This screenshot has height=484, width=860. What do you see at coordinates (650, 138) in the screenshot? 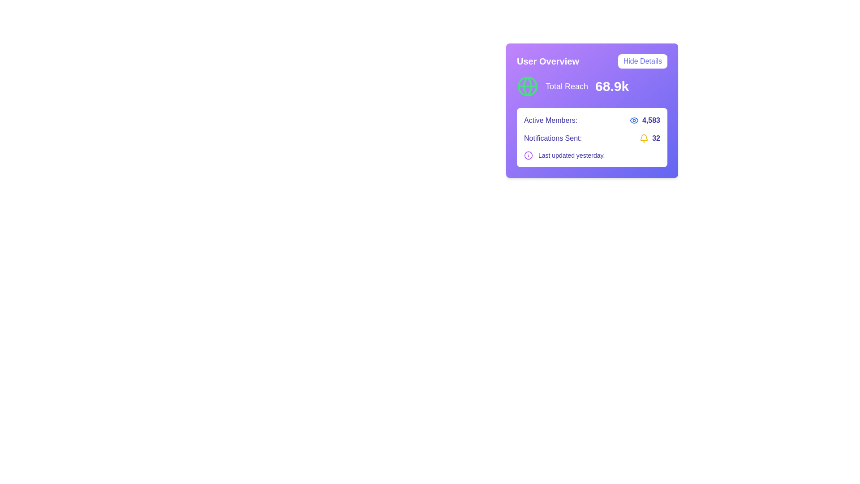
I see `the yellow bell icon with the count '32' in the 'Notifications Sent:' section of the User Overview card` at bounding box center [650, 138].